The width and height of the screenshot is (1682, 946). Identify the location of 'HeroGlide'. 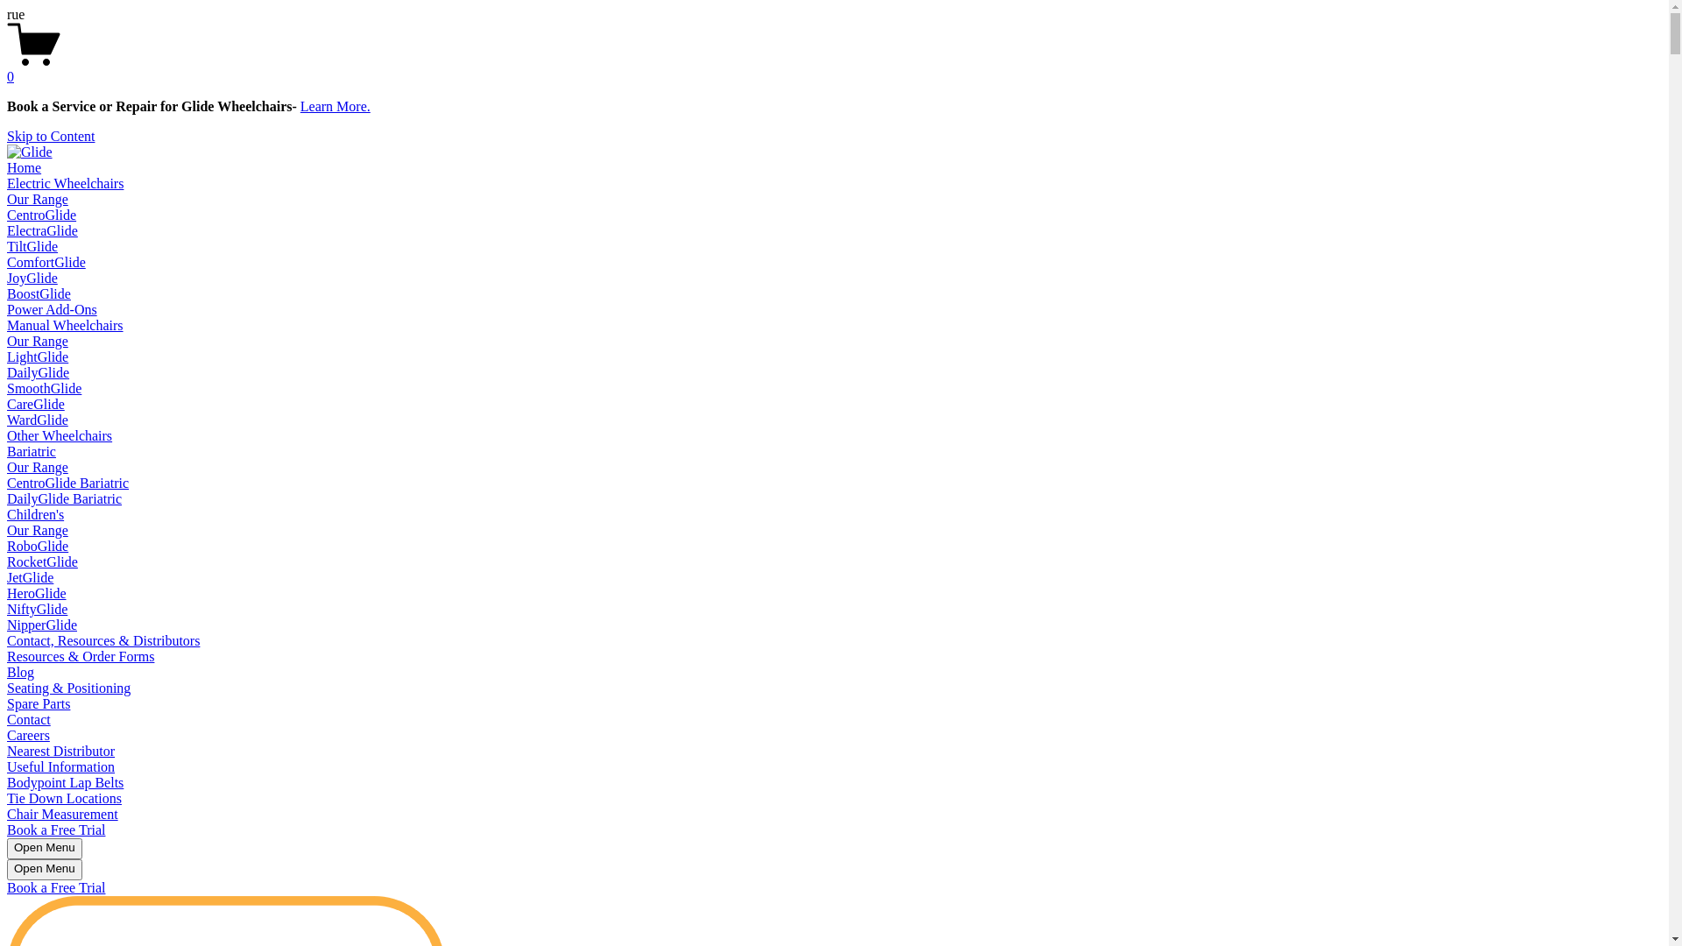
(37, 592).